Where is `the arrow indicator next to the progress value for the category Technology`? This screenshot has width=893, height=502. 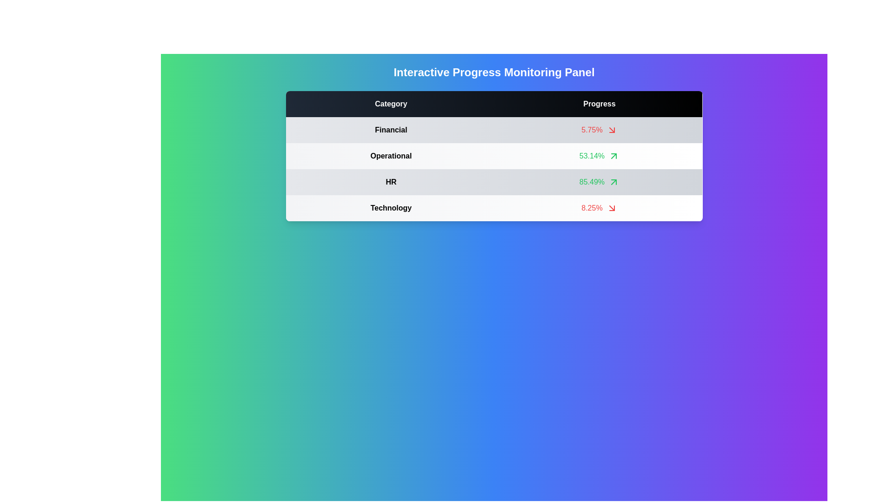
the arrow indicator next to the progress value for the category Technology is located at coordinates (612, 207).